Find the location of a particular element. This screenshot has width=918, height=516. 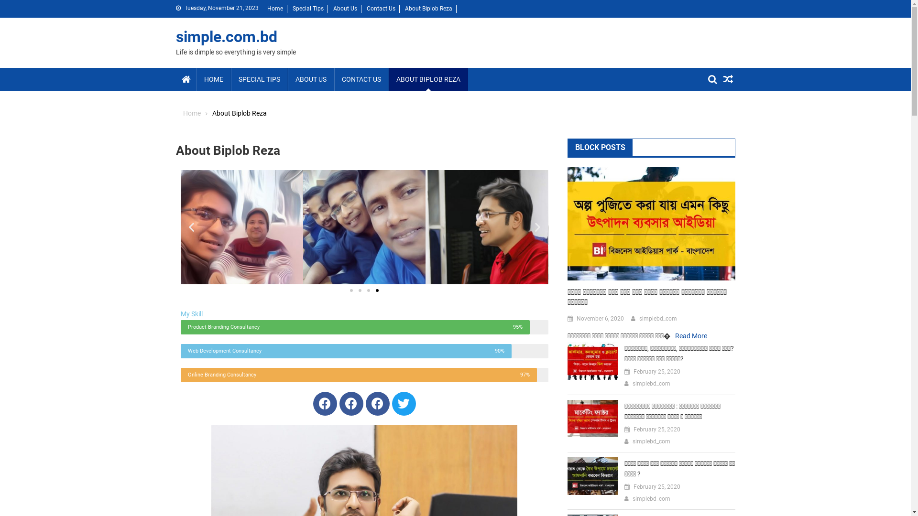

'Read More' is located at coordinates (691, 335).